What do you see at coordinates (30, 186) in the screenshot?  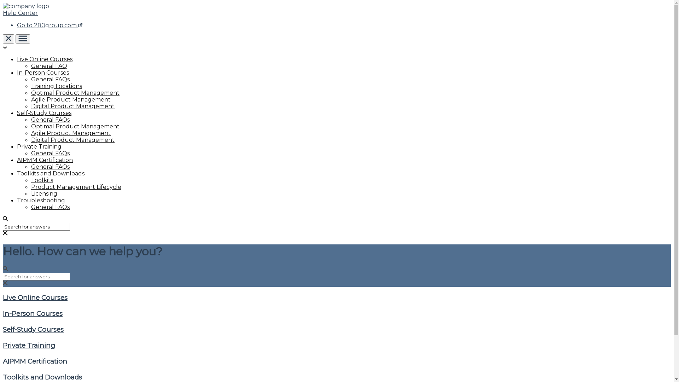 I see `'Product Management Lifecycle'` at bounding box center [30, 186].